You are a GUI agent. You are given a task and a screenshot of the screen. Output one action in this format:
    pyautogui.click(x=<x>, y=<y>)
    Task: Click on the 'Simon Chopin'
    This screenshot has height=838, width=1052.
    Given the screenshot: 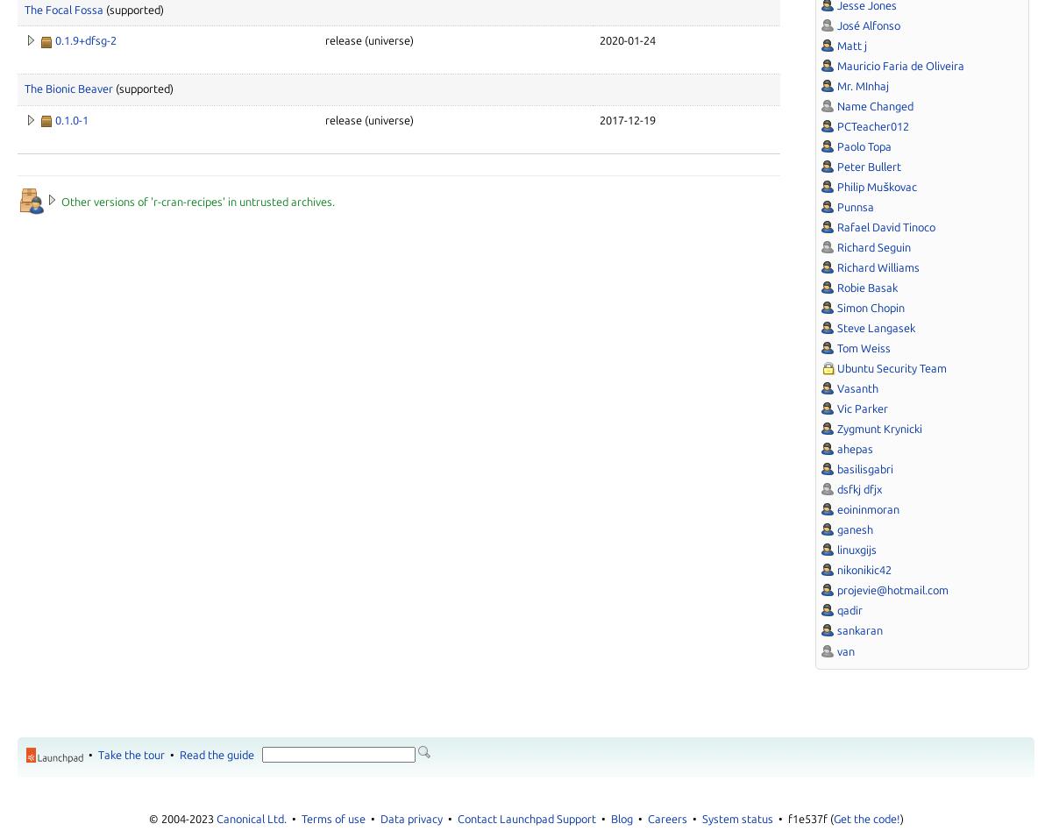 What is the action you would take?
    pyautogui.click(x=871, y=307)
    